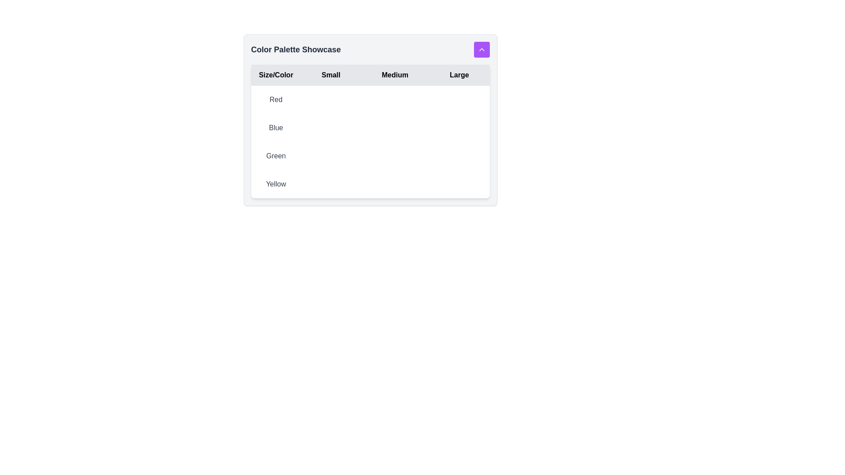 The height and width of the screenshot is (475, 845). Describe the element at coordinates (394, 99) in the screenshot. I see `the label positioned under the 'Medium' column header in the first row labeled 'Red' of the table layout` at that location.